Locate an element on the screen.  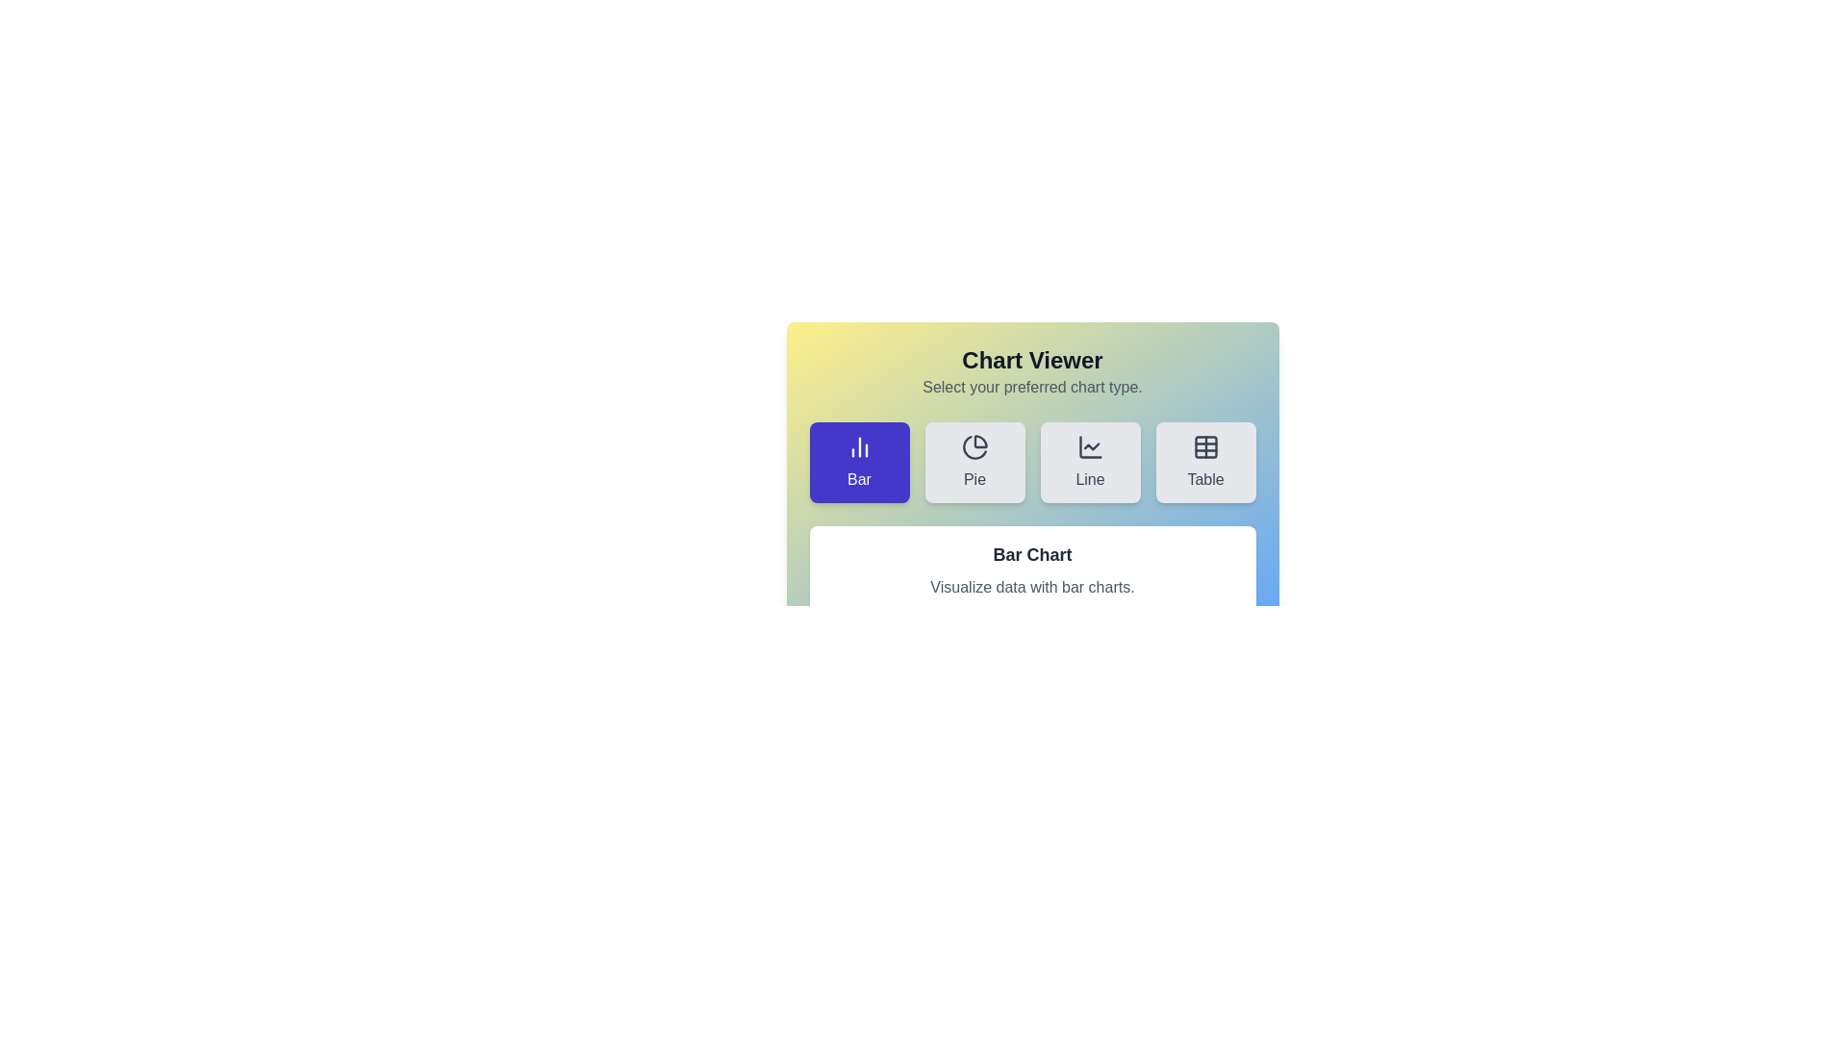
the Heading element which serves as the title of the section, located centrally above the user instructions subtitle is located at coordinates (1031, 360).